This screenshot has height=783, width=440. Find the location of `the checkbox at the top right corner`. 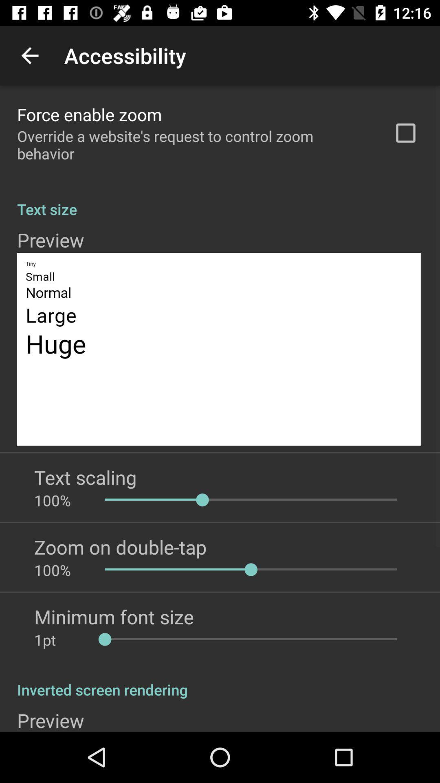

the checkbox at the top right corner is located at coordinates (405, 133).